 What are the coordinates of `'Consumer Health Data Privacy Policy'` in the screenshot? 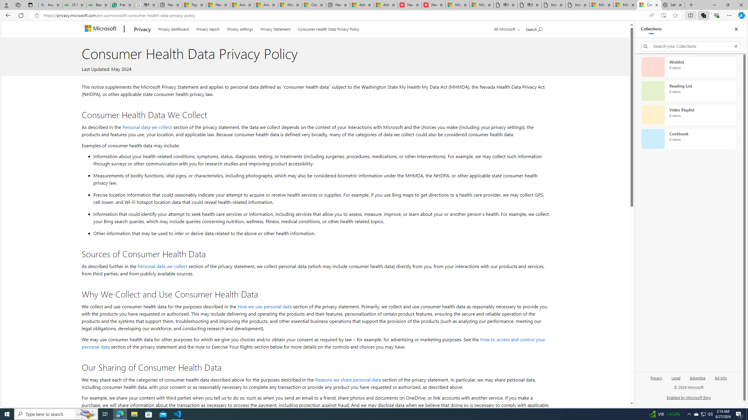 It's located at (329, 28).